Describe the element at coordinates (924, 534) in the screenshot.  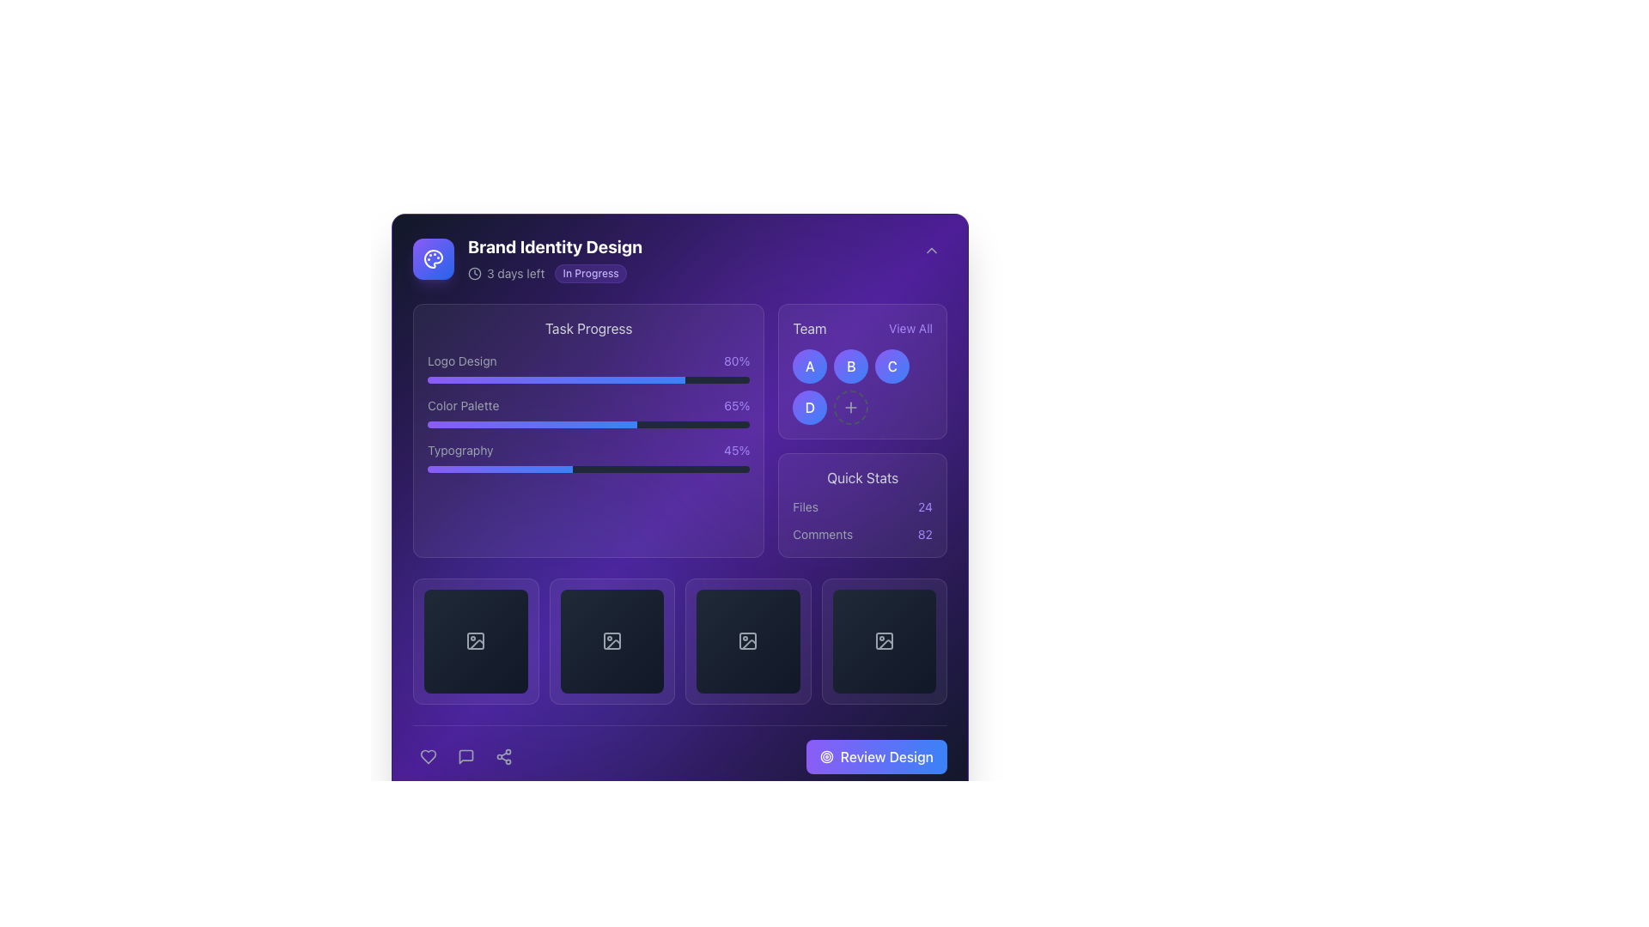
I see `the text label displaying the numerical value '82' in light violet font, located in the 'Quick Stats' module next to the 'Comments' label` at that location.